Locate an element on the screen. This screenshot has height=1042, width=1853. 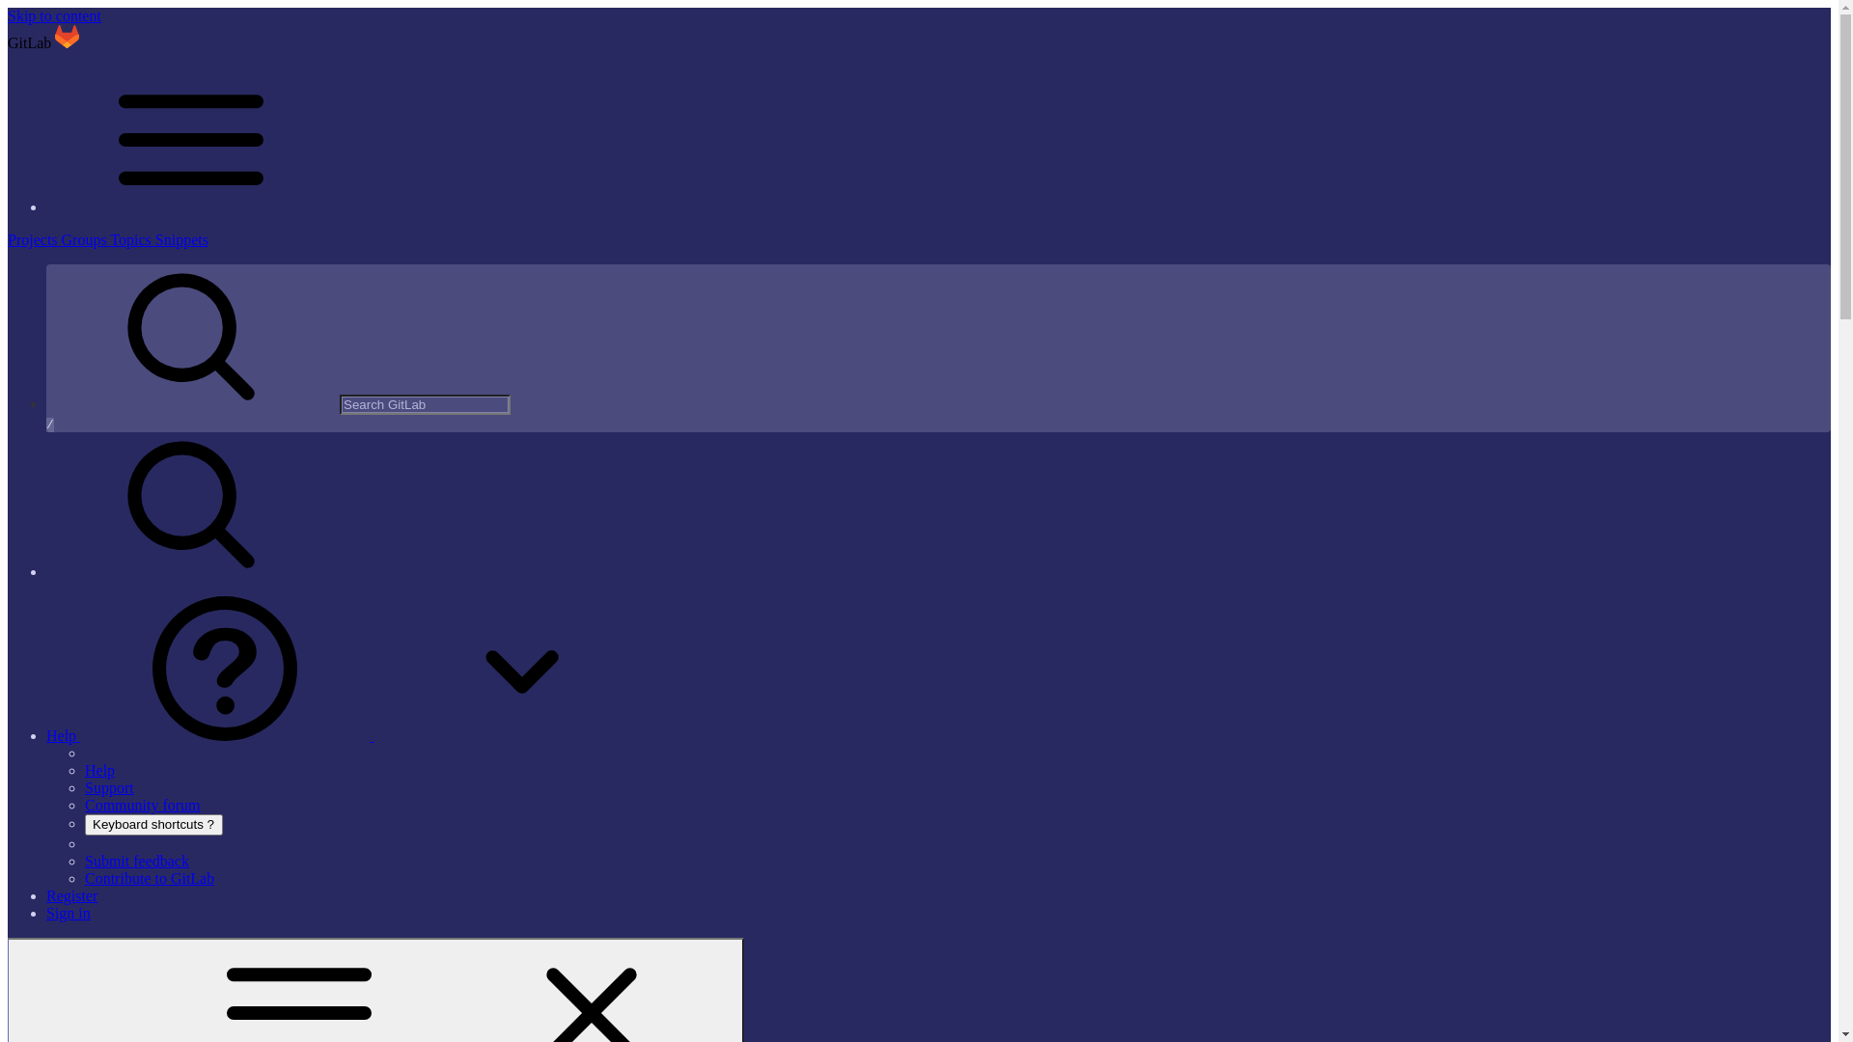
'Skip to content' is located at coordinates (54, 15).